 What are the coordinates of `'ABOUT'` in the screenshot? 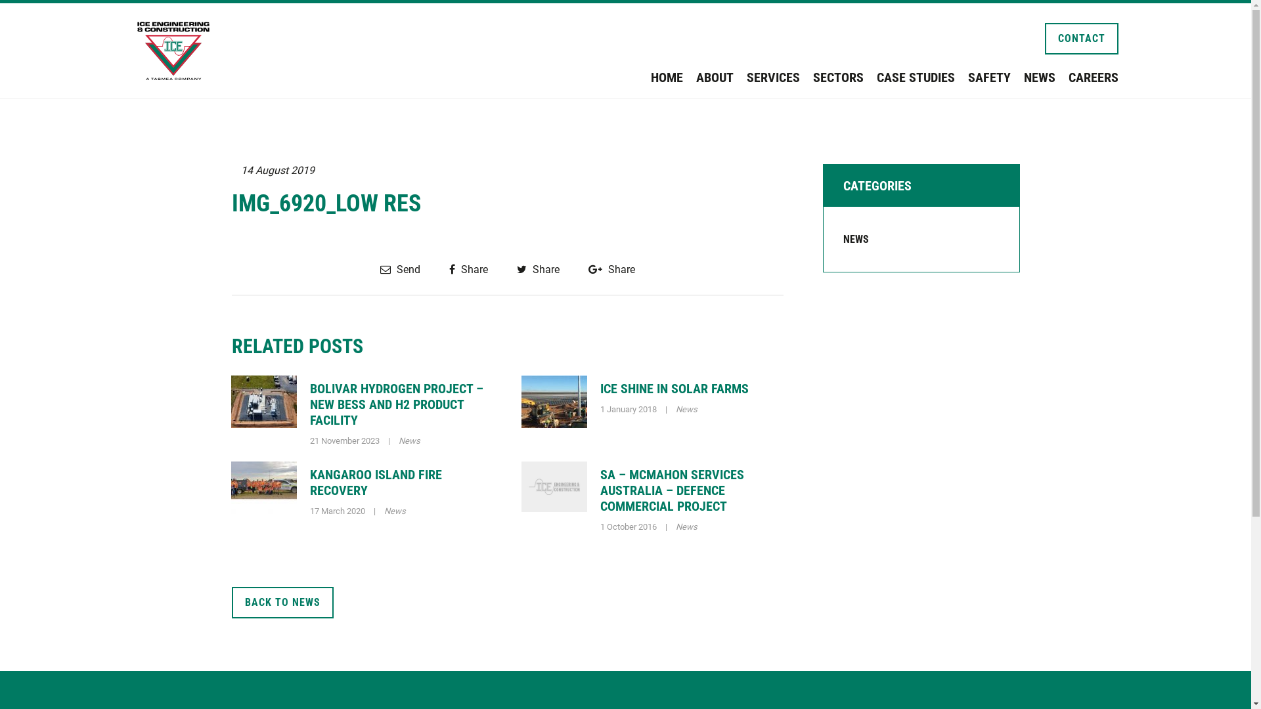 It's located at (696, 77).